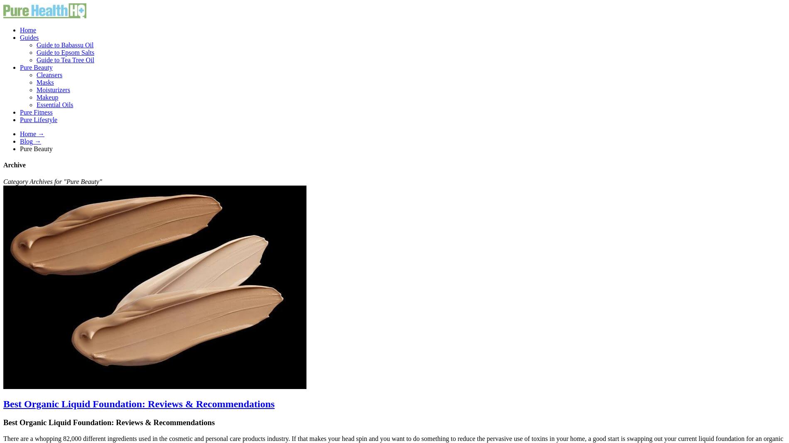 This screenshot has height=443, width=789. What do you see at coordinates (55, 105) in the screenshot?
I see `'Essential Oils'` at bounding box center [55, 105].